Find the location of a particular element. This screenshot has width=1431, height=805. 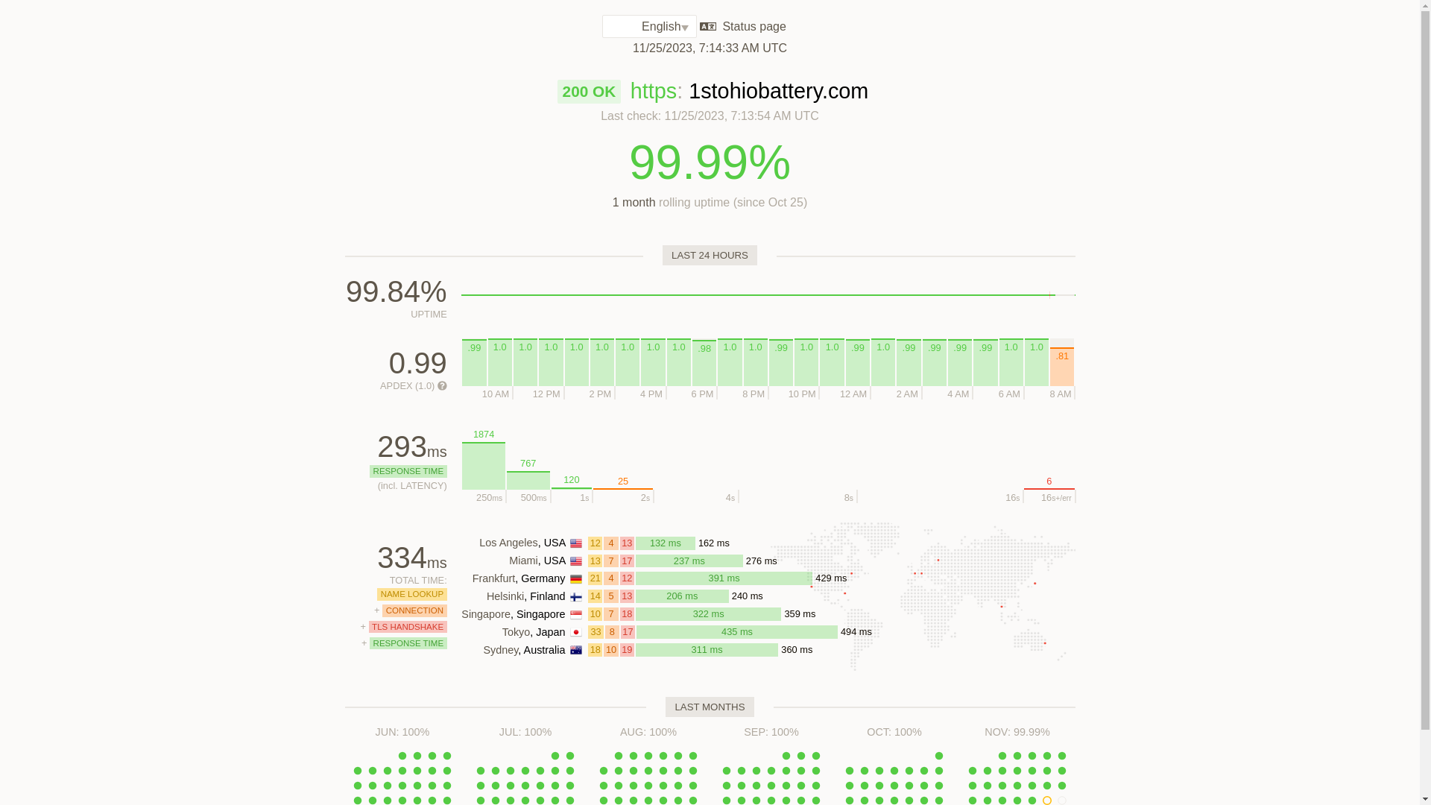

'<small>Jul 12:</small> No downtime' is located at coordinates (511, 784).